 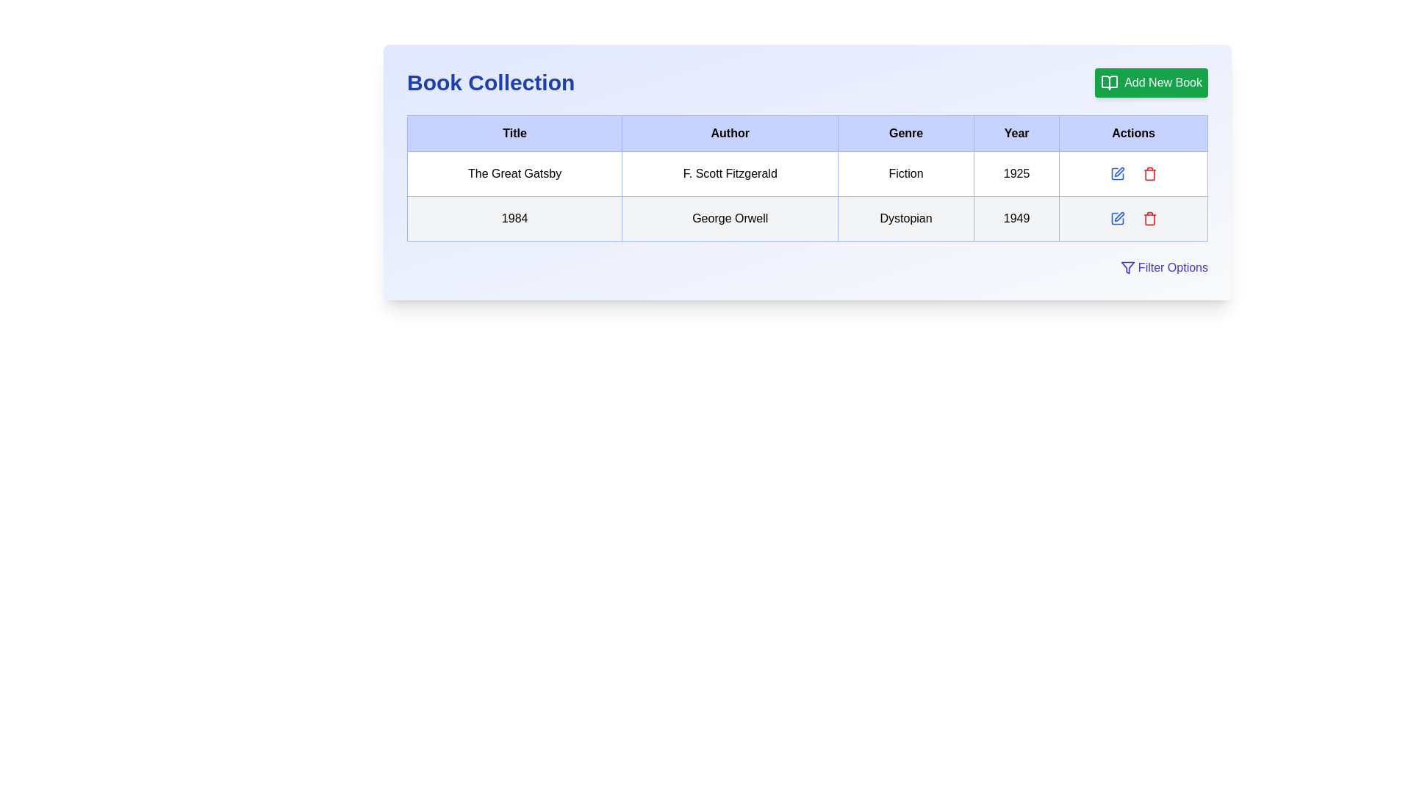 I want to click on the informational text label displaying the author's name for the book '1984', located in the 'Author' column of the second row in the book details table, so click(x=730, y=218).